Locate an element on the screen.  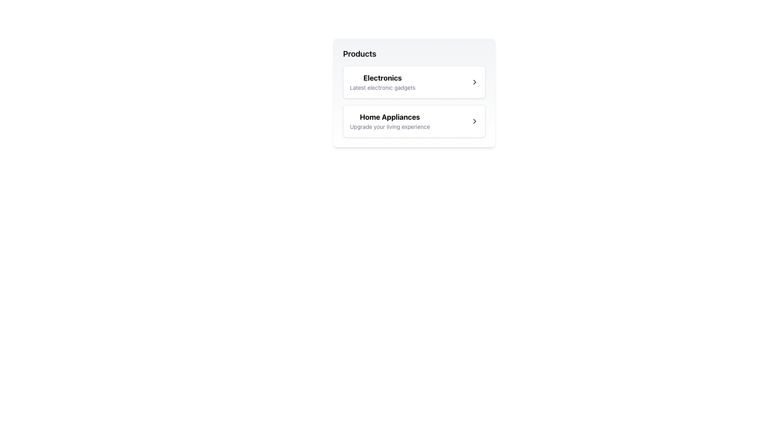
the 'Home Appliances' navigation list item is located at coordinates (414, 121).